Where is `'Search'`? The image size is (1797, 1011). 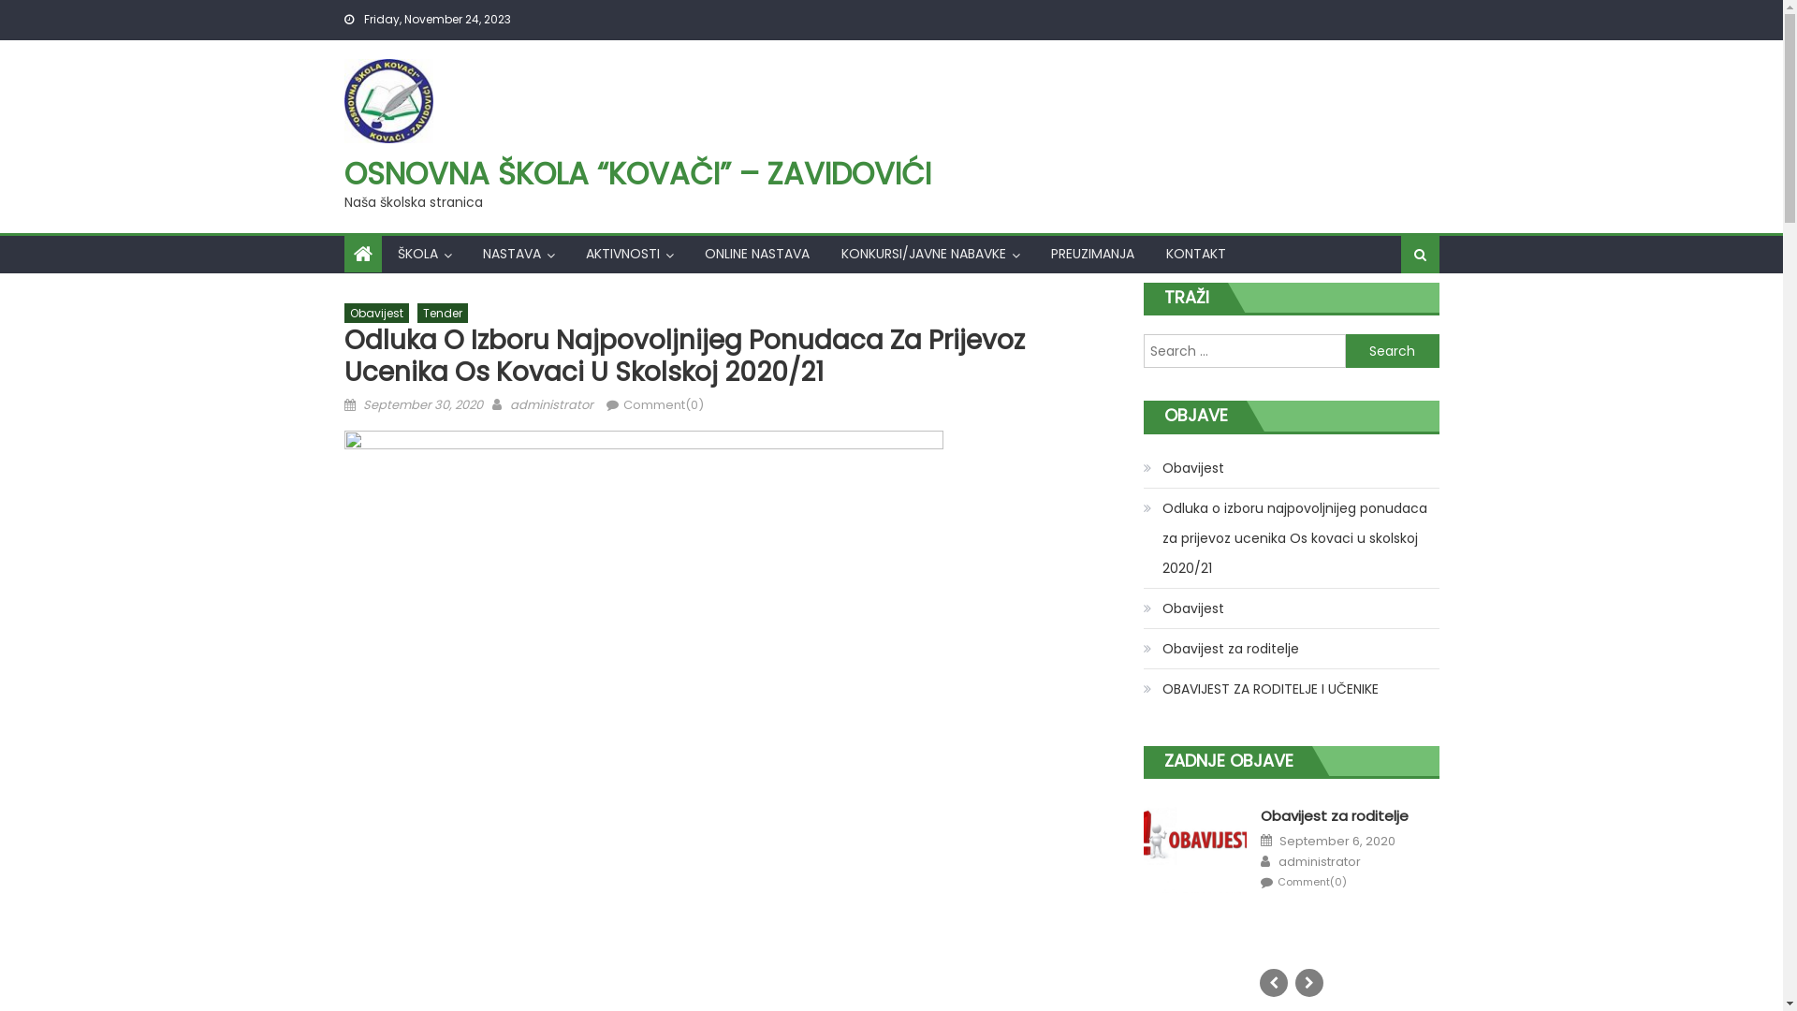 'Search' is located at coordinates (1393, 313).